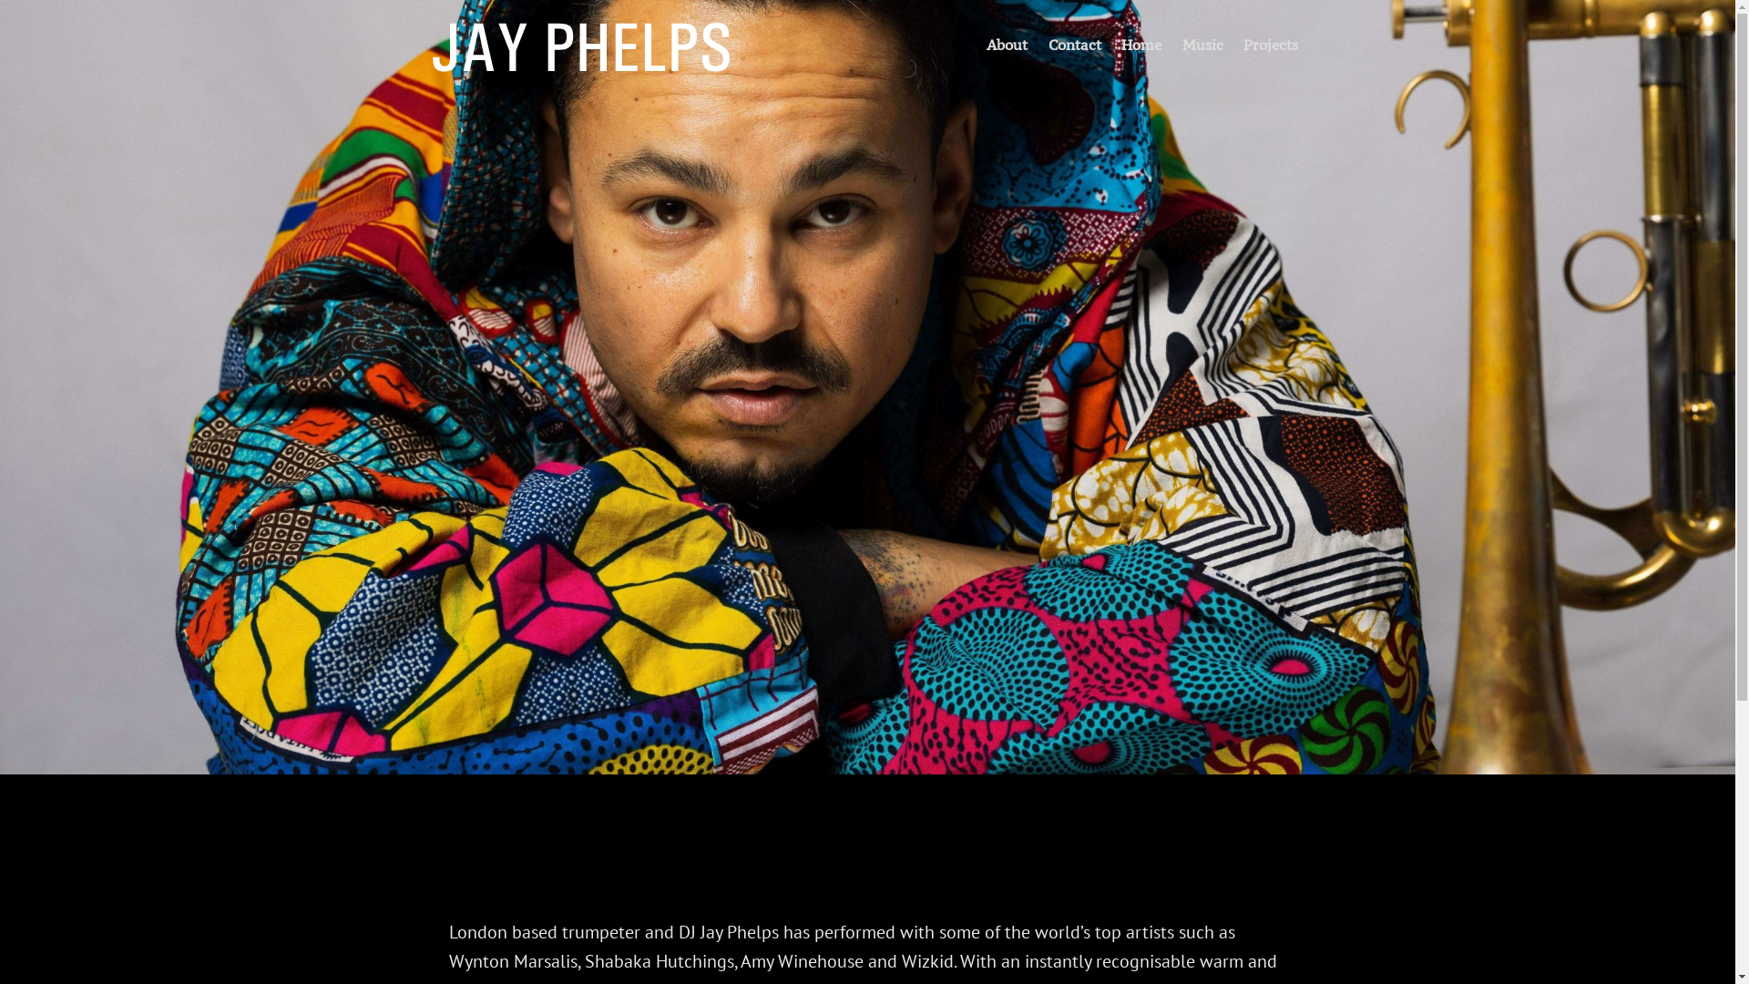 The height and width of the screenshot is (984, 1749). What do you see at coordinates (1140, 42) in the screenshot?
I see `'Home'` at bounding box center [1140, 42].